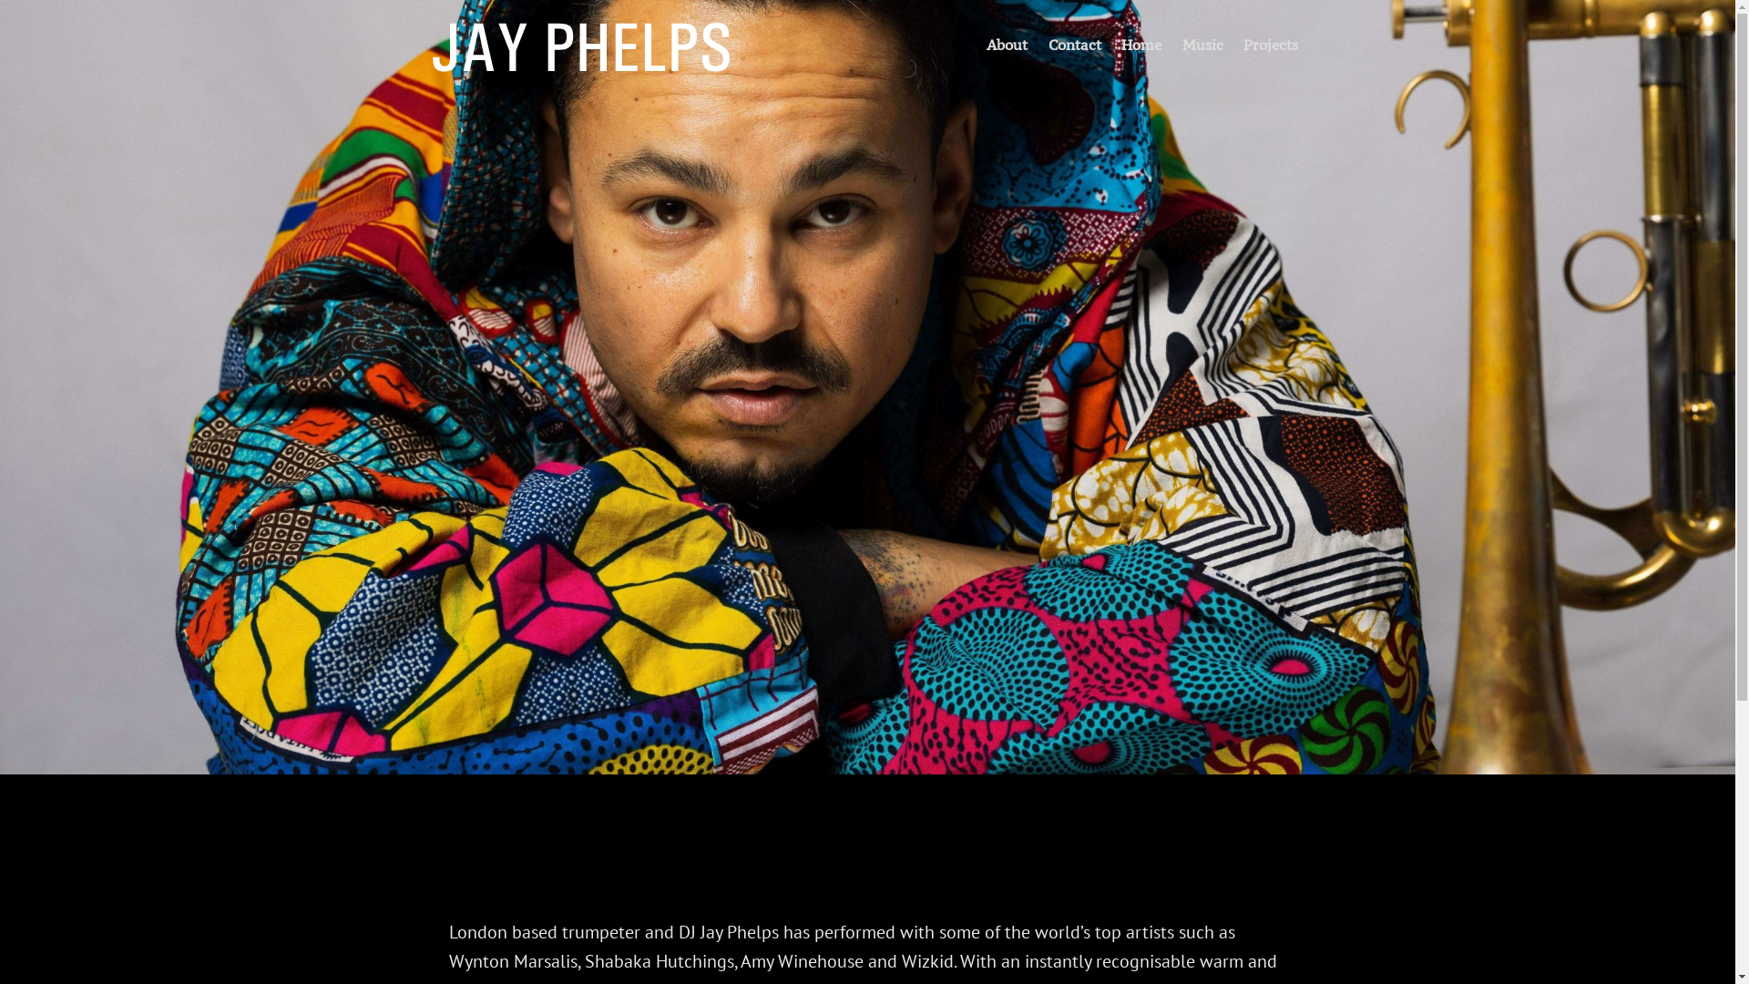 The height and width of the screenshot is (984, 1749). What do you see at coordinates (1140, 42) in the screenshot?
I see `'Home'` at bounding box center [1140, 42].